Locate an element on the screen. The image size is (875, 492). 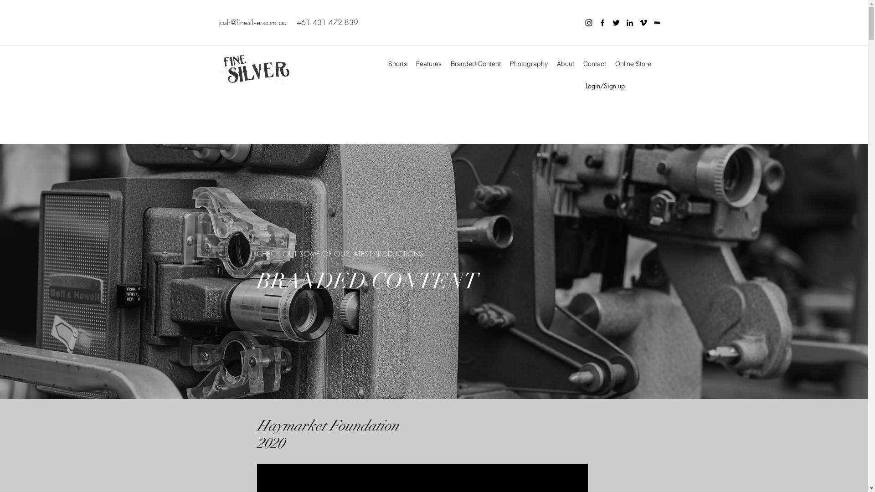
'Photography' is located at coordinates (504, 63).